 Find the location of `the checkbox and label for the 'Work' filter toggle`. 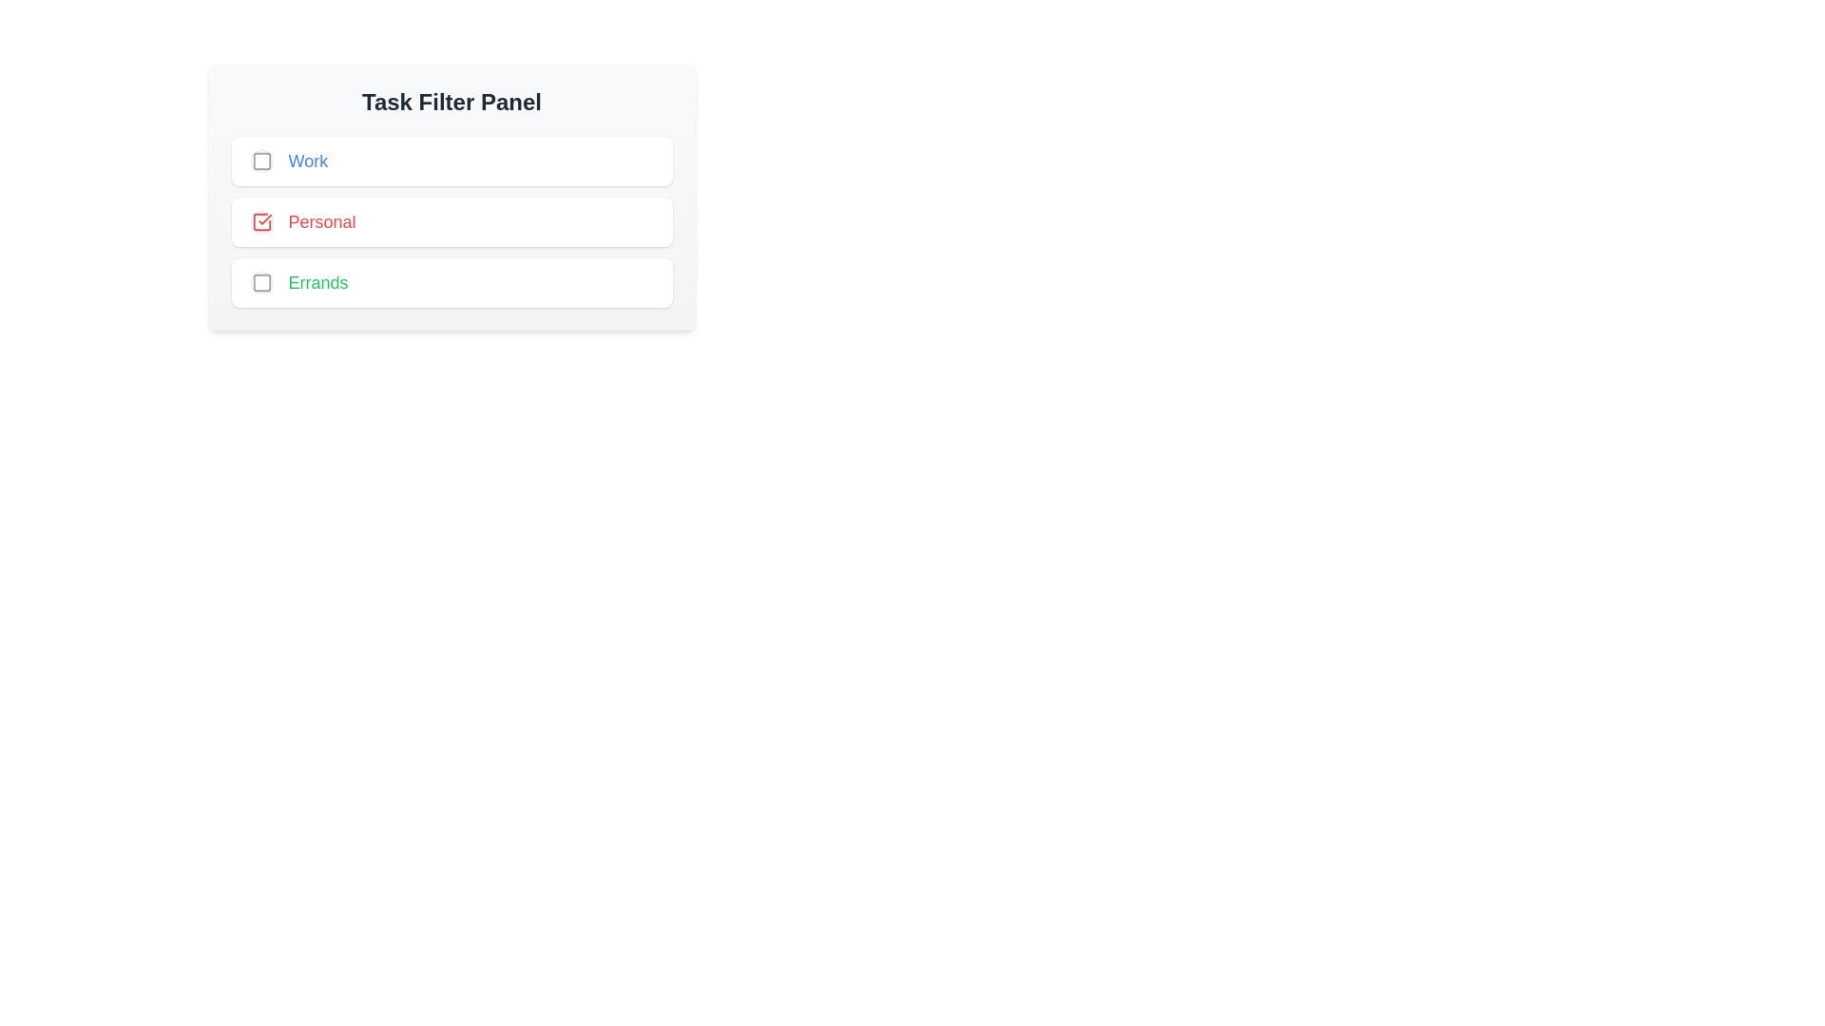

the checkbox and label for the 'Work' filter toggle is located at coordinates (451, 160).